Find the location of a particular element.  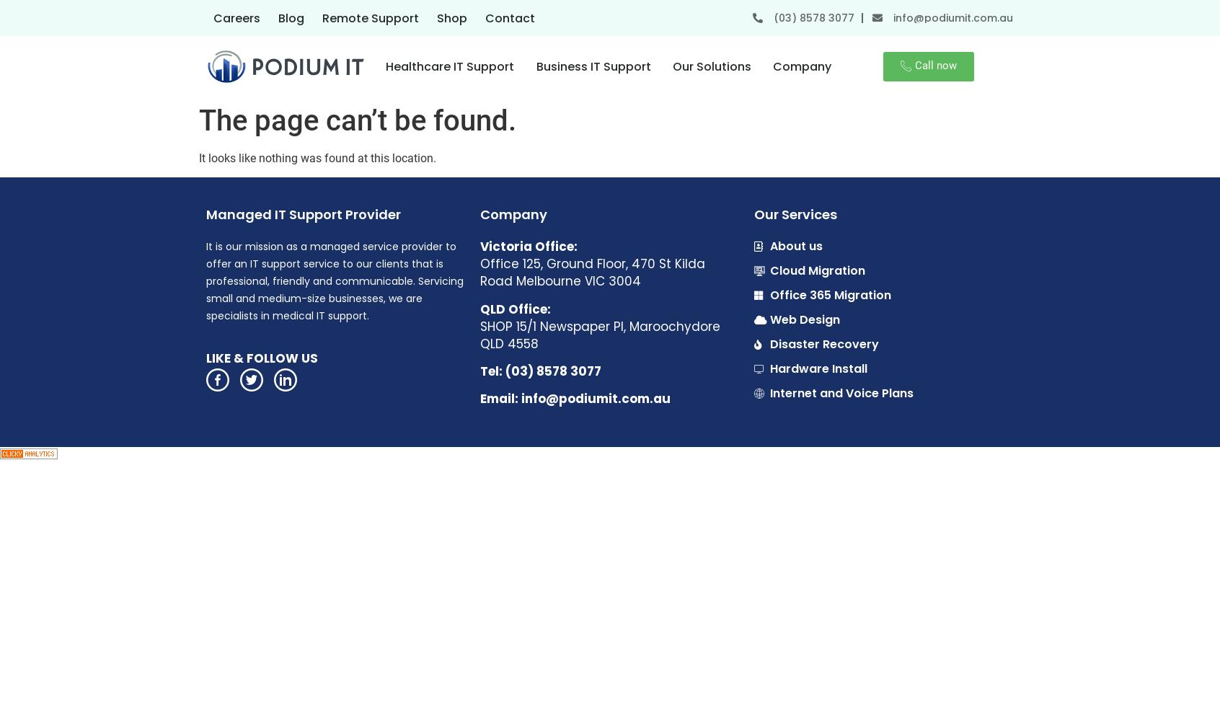

'Medical Director IT Support' is located at coordinates (592, 149).